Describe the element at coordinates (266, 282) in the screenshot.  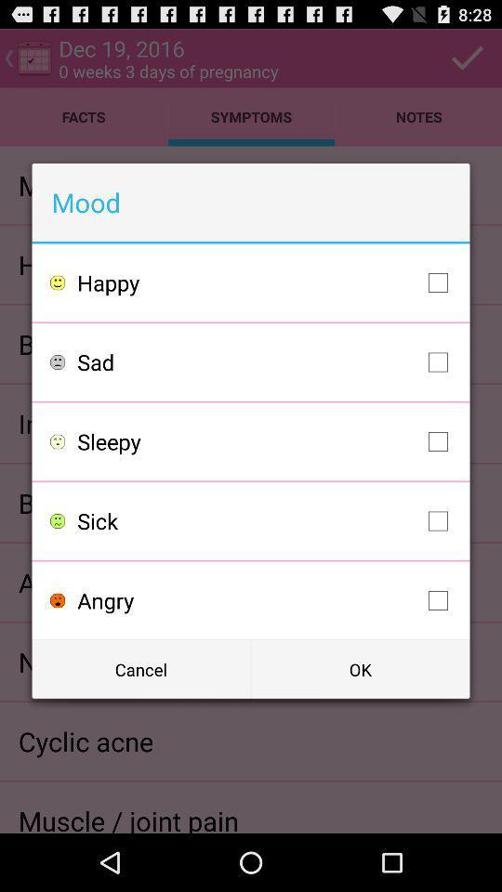
I see `the icon above sad icon` at that location.